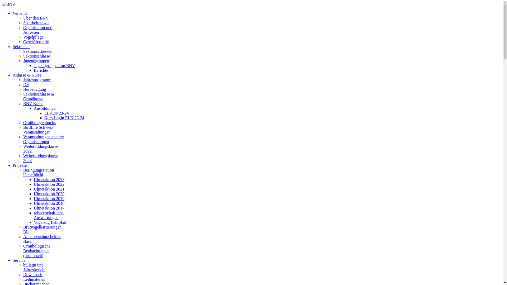 The height and width of the screenshot is (285, 507). I want to click on 'Downloads', so click(32, 274).